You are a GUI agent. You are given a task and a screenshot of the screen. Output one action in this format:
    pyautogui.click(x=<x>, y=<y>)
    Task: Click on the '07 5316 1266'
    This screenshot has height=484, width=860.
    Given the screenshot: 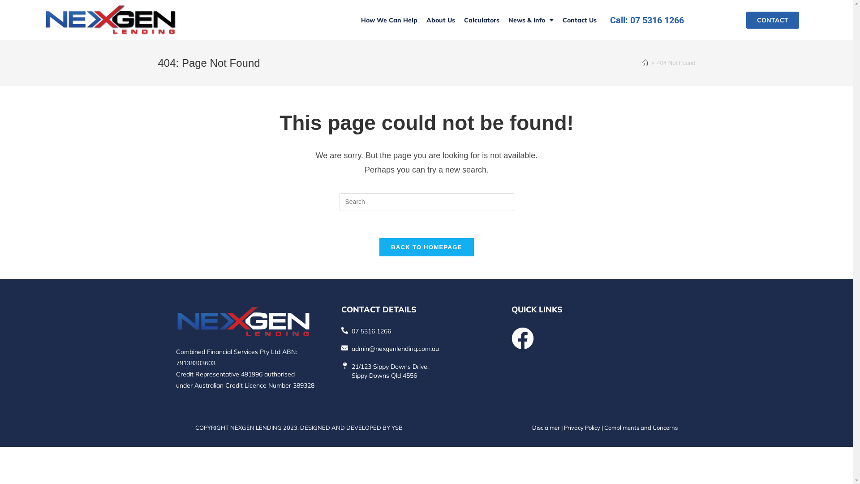 What is the action you would take?
    pyautogui.click(x=351, y=331)
    